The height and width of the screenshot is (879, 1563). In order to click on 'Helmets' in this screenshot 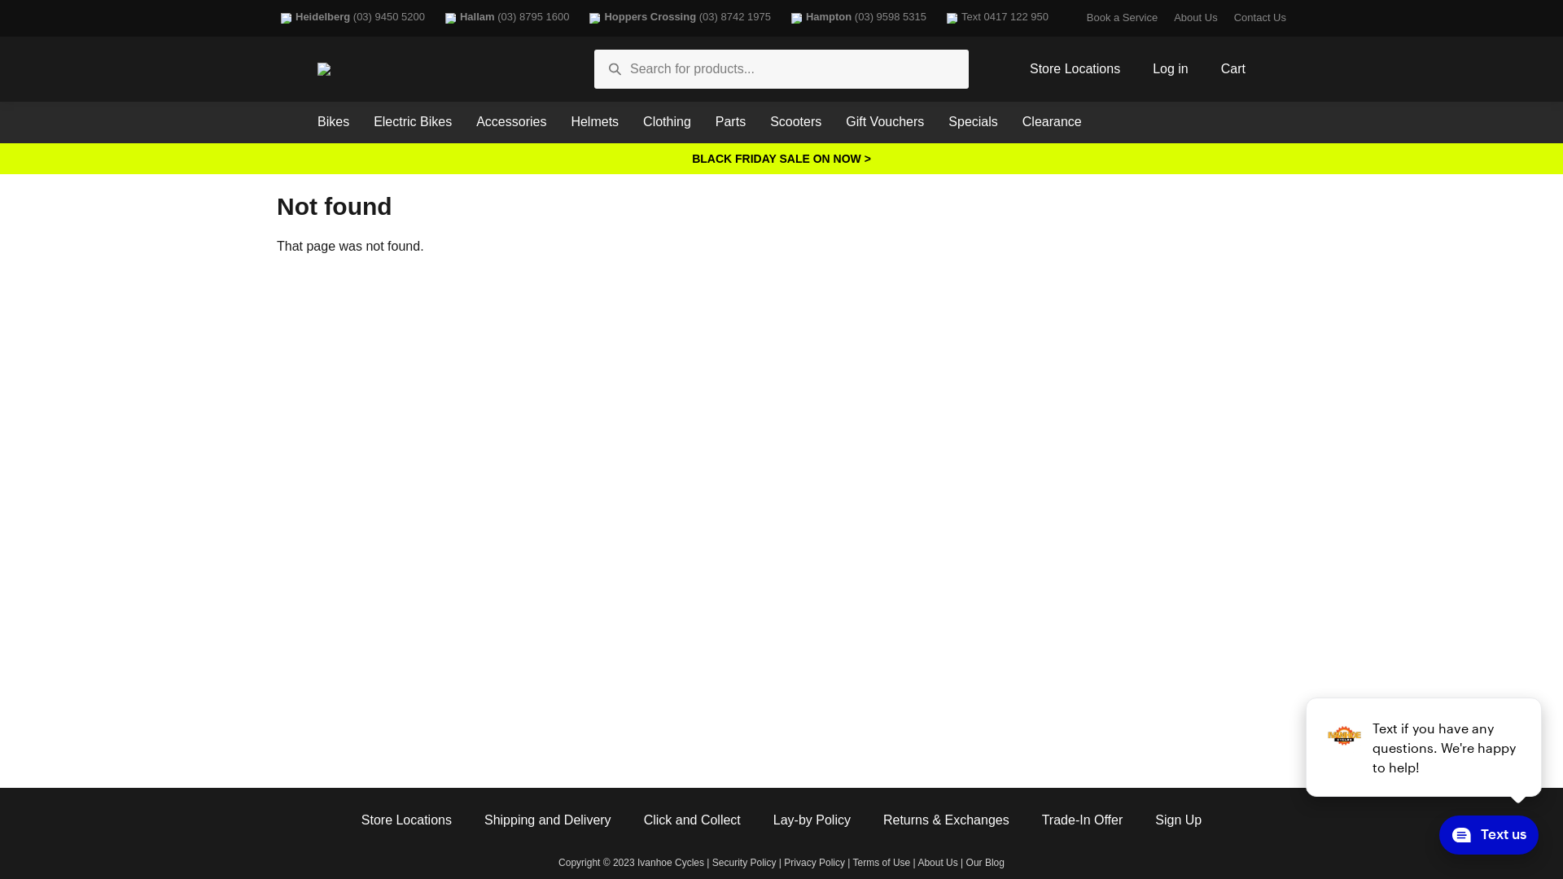, I will do `click(593, 121)`.